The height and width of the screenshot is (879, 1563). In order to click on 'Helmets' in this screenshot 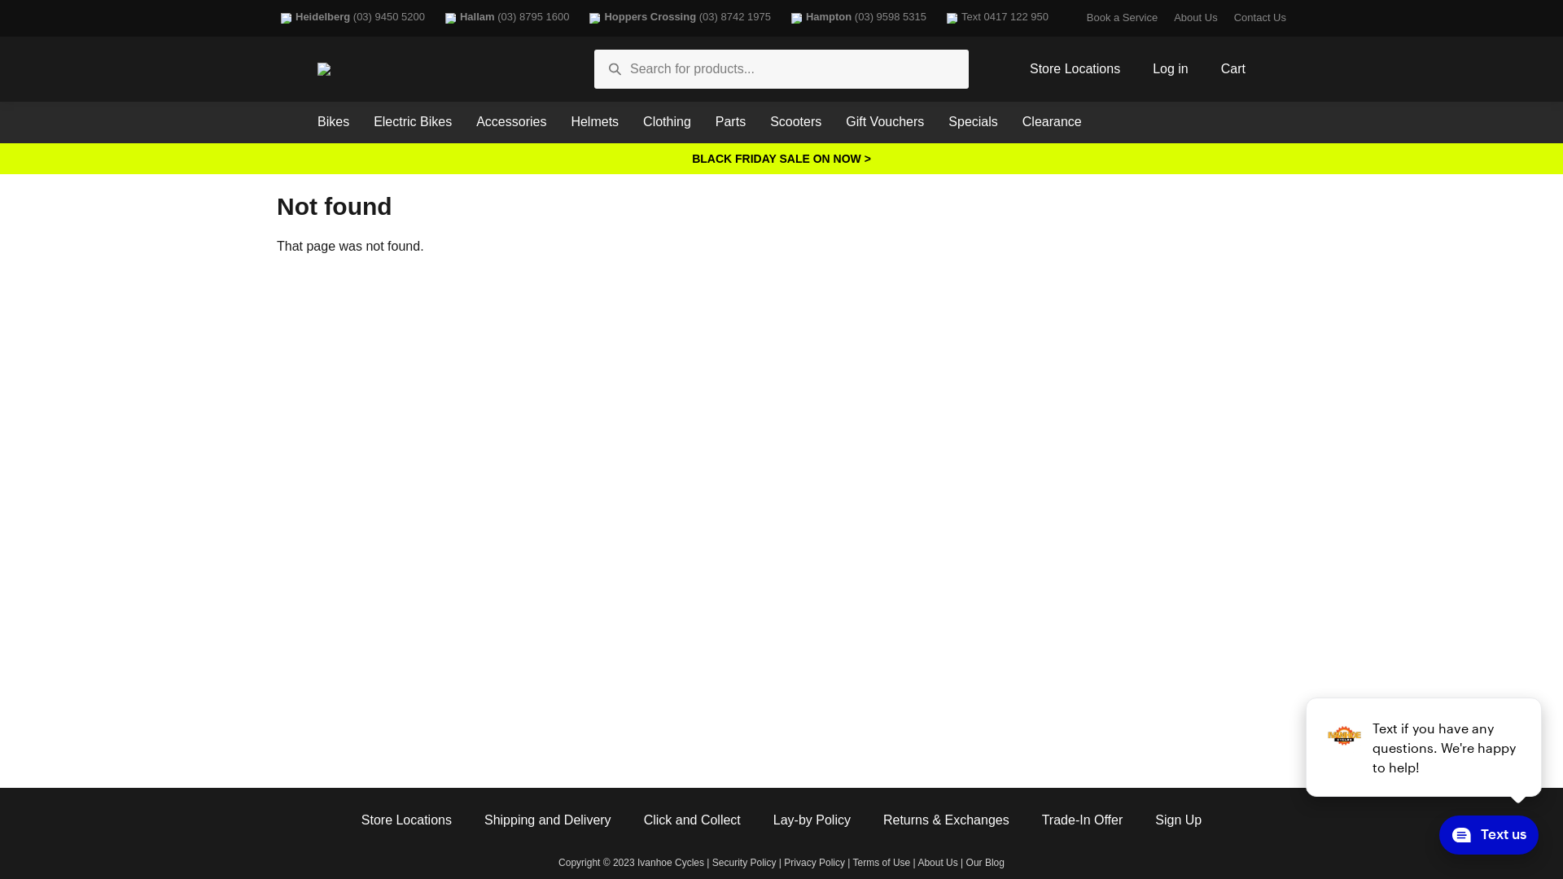, I will do `click(593, 121)`.